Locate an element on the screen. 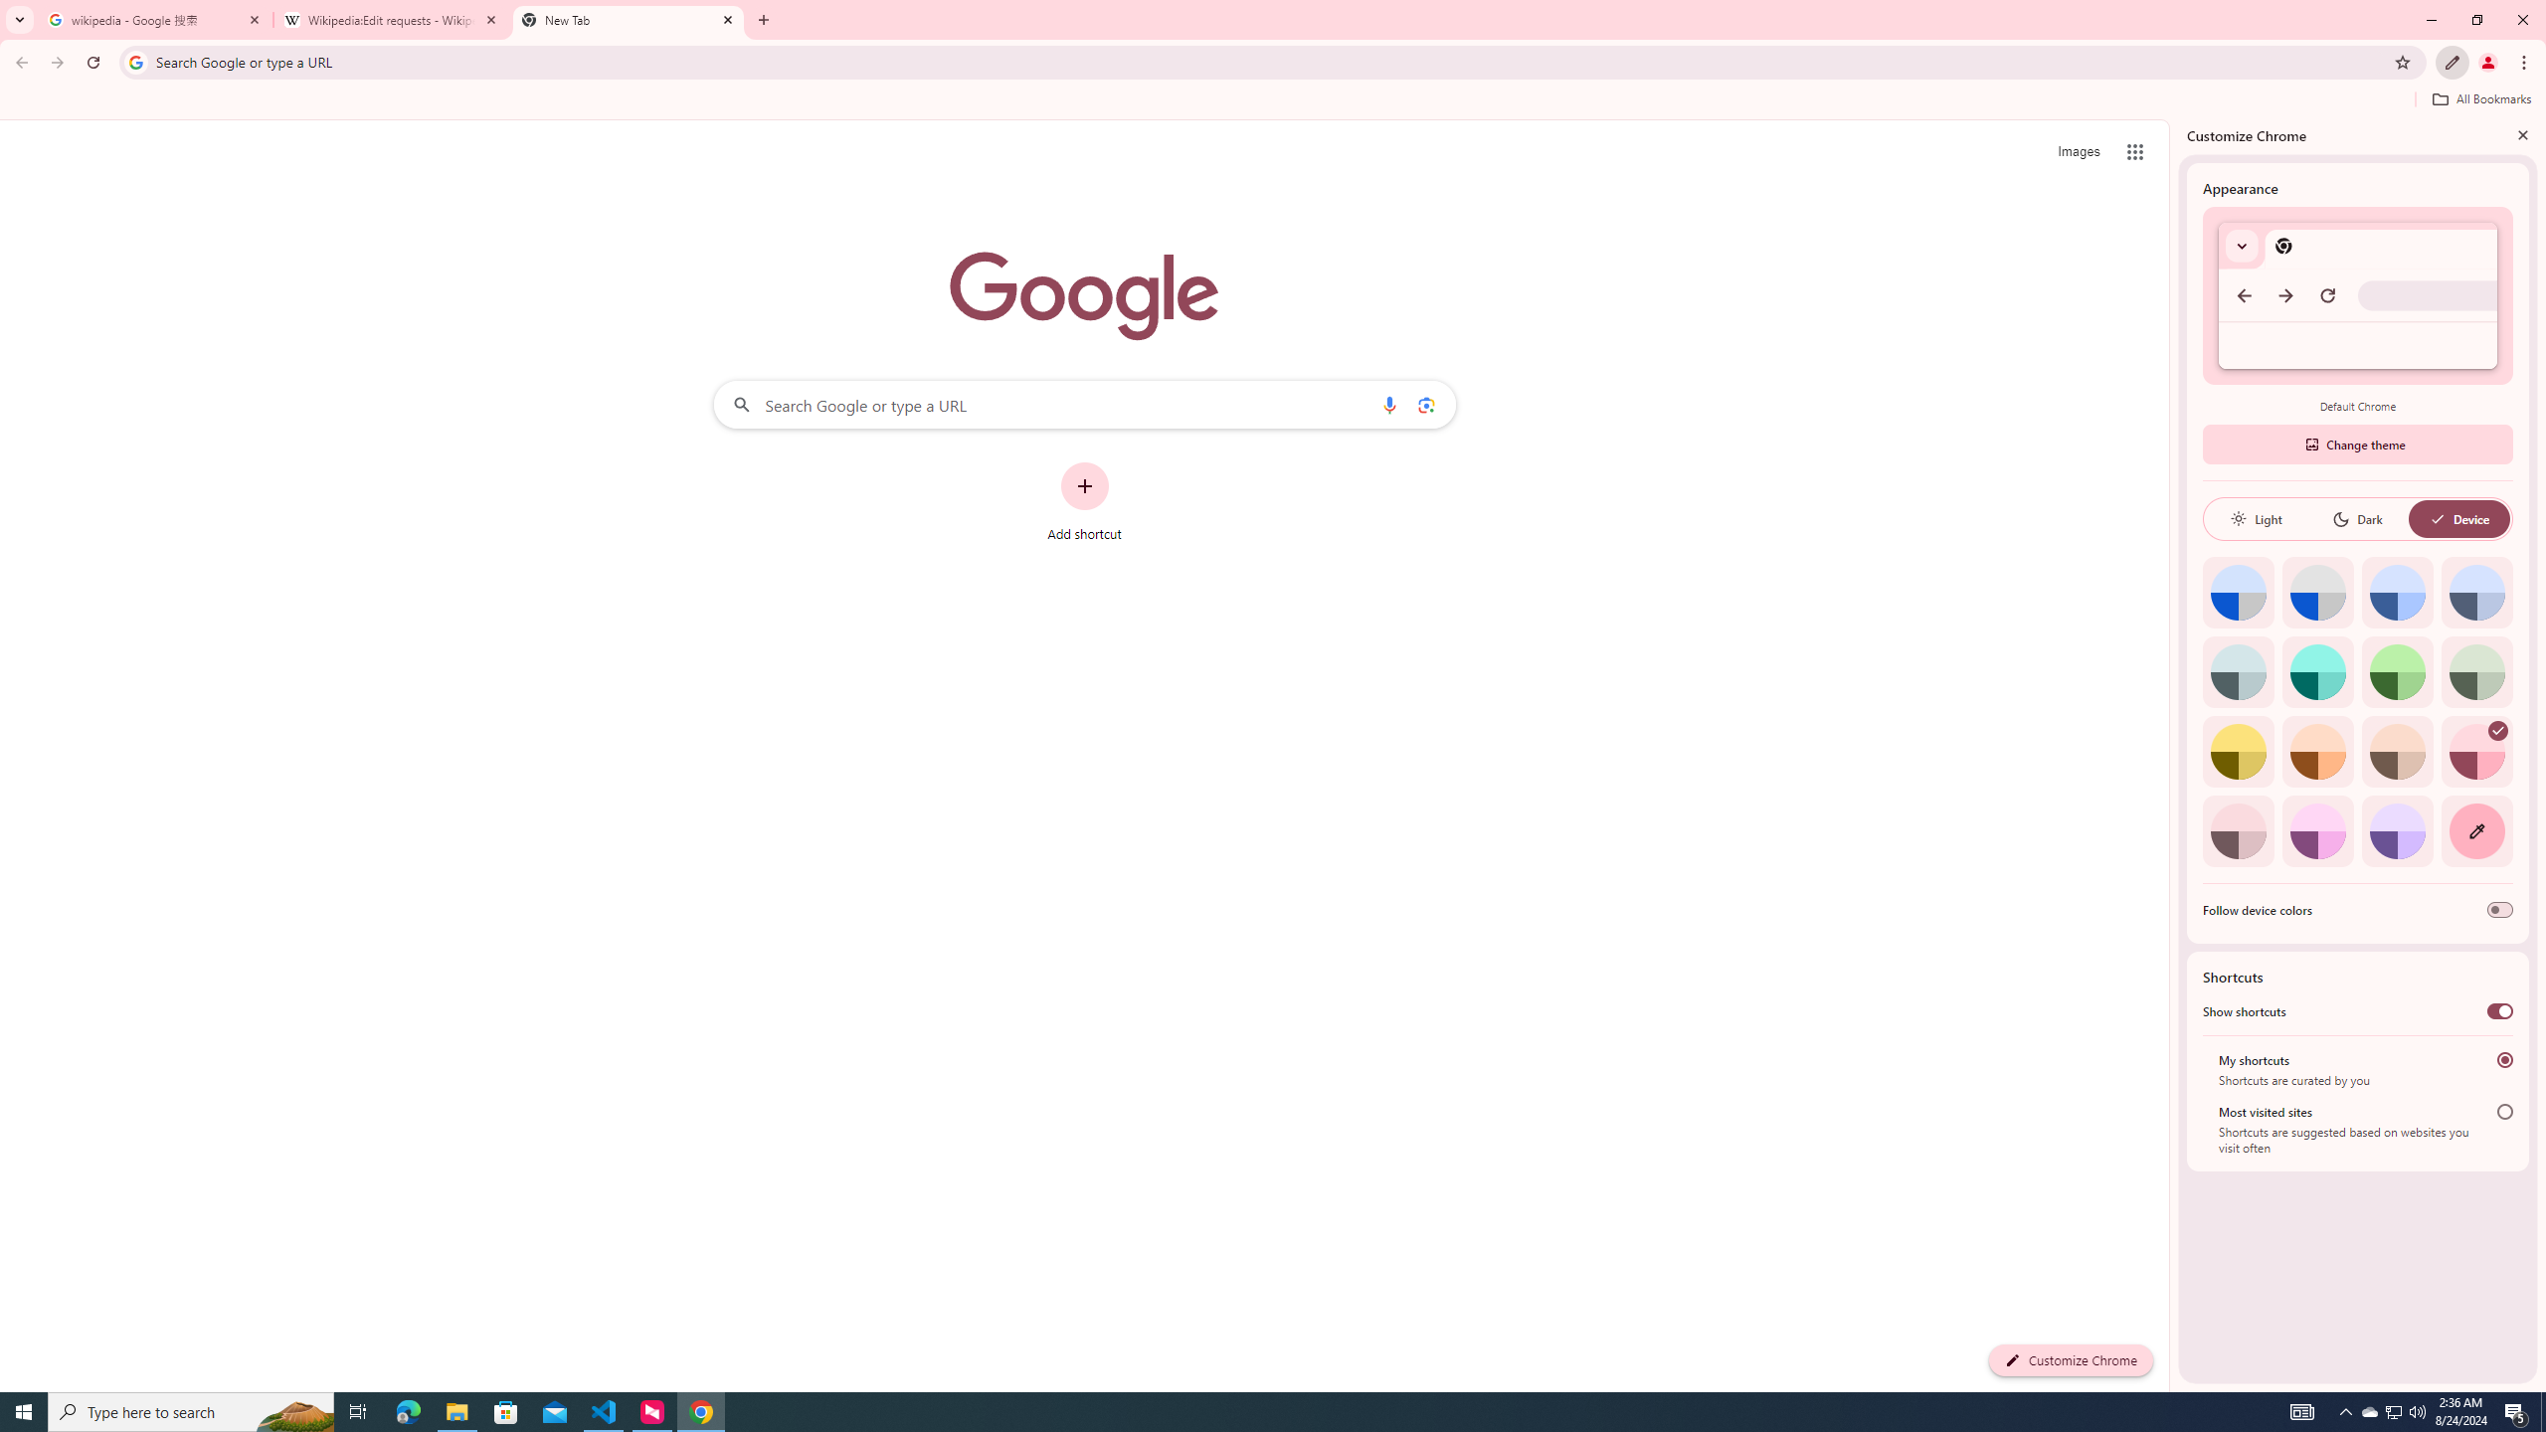 This screenshot has width=2546, height=1432. 'Default color' is located at coordinates (2238, 592).